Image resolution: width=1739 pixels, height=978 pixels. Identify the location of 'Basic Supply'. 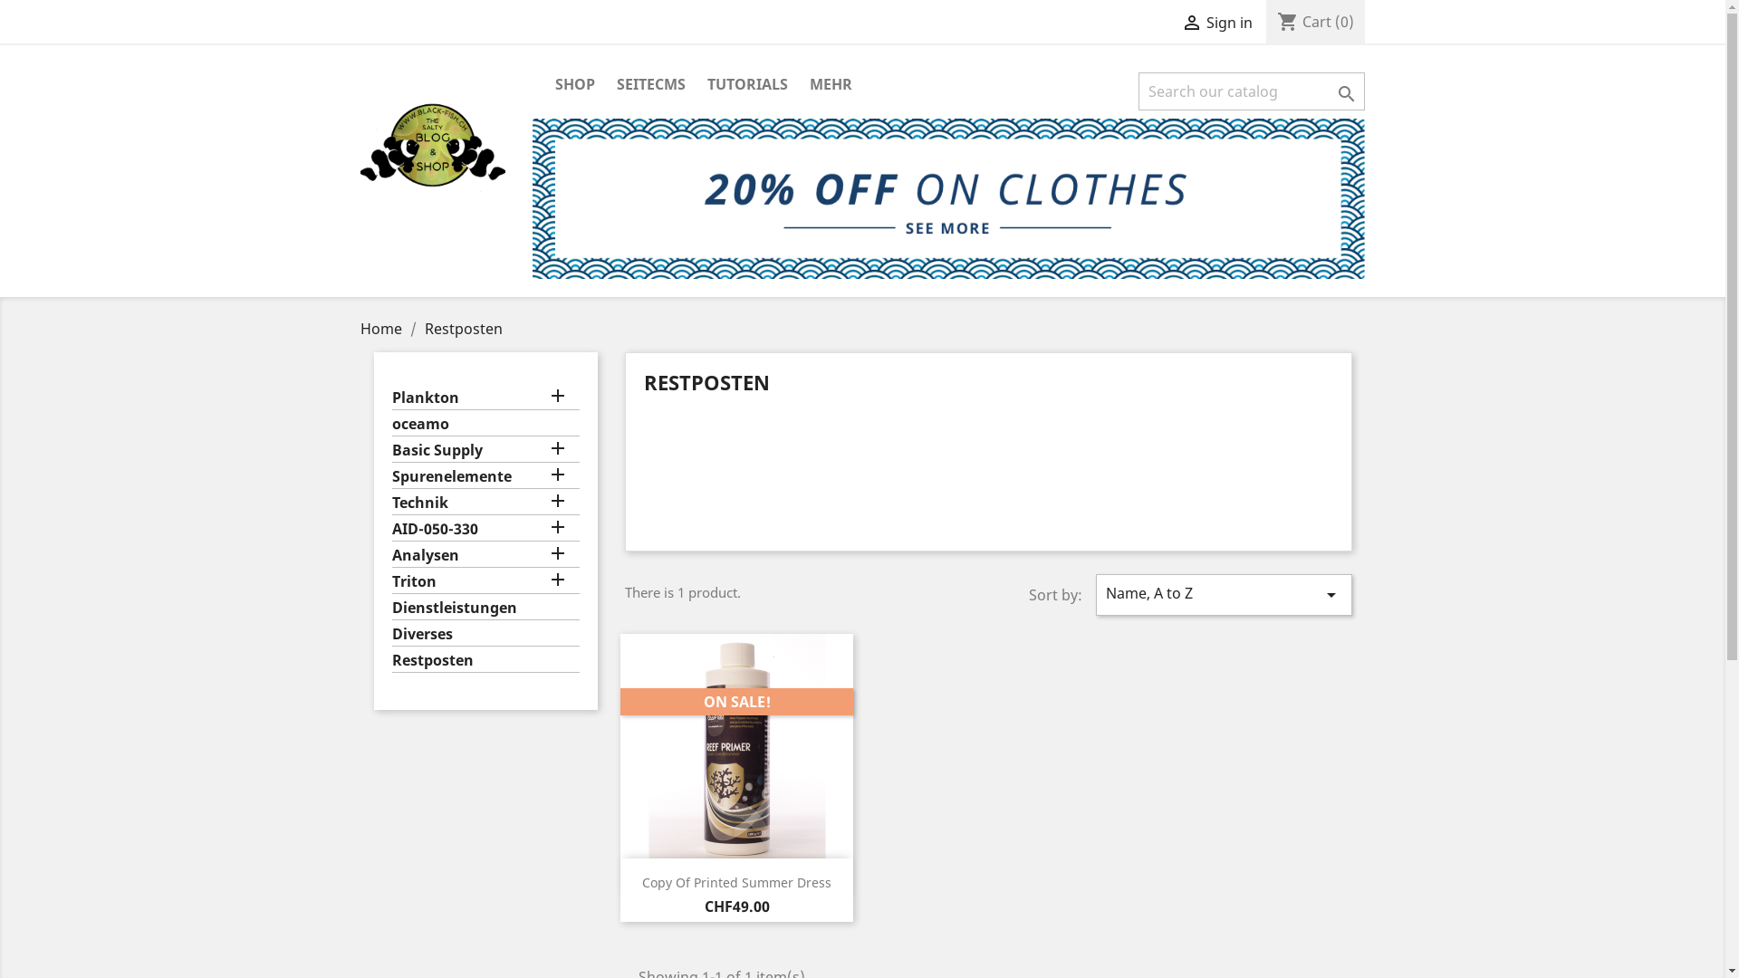
(485, 450).